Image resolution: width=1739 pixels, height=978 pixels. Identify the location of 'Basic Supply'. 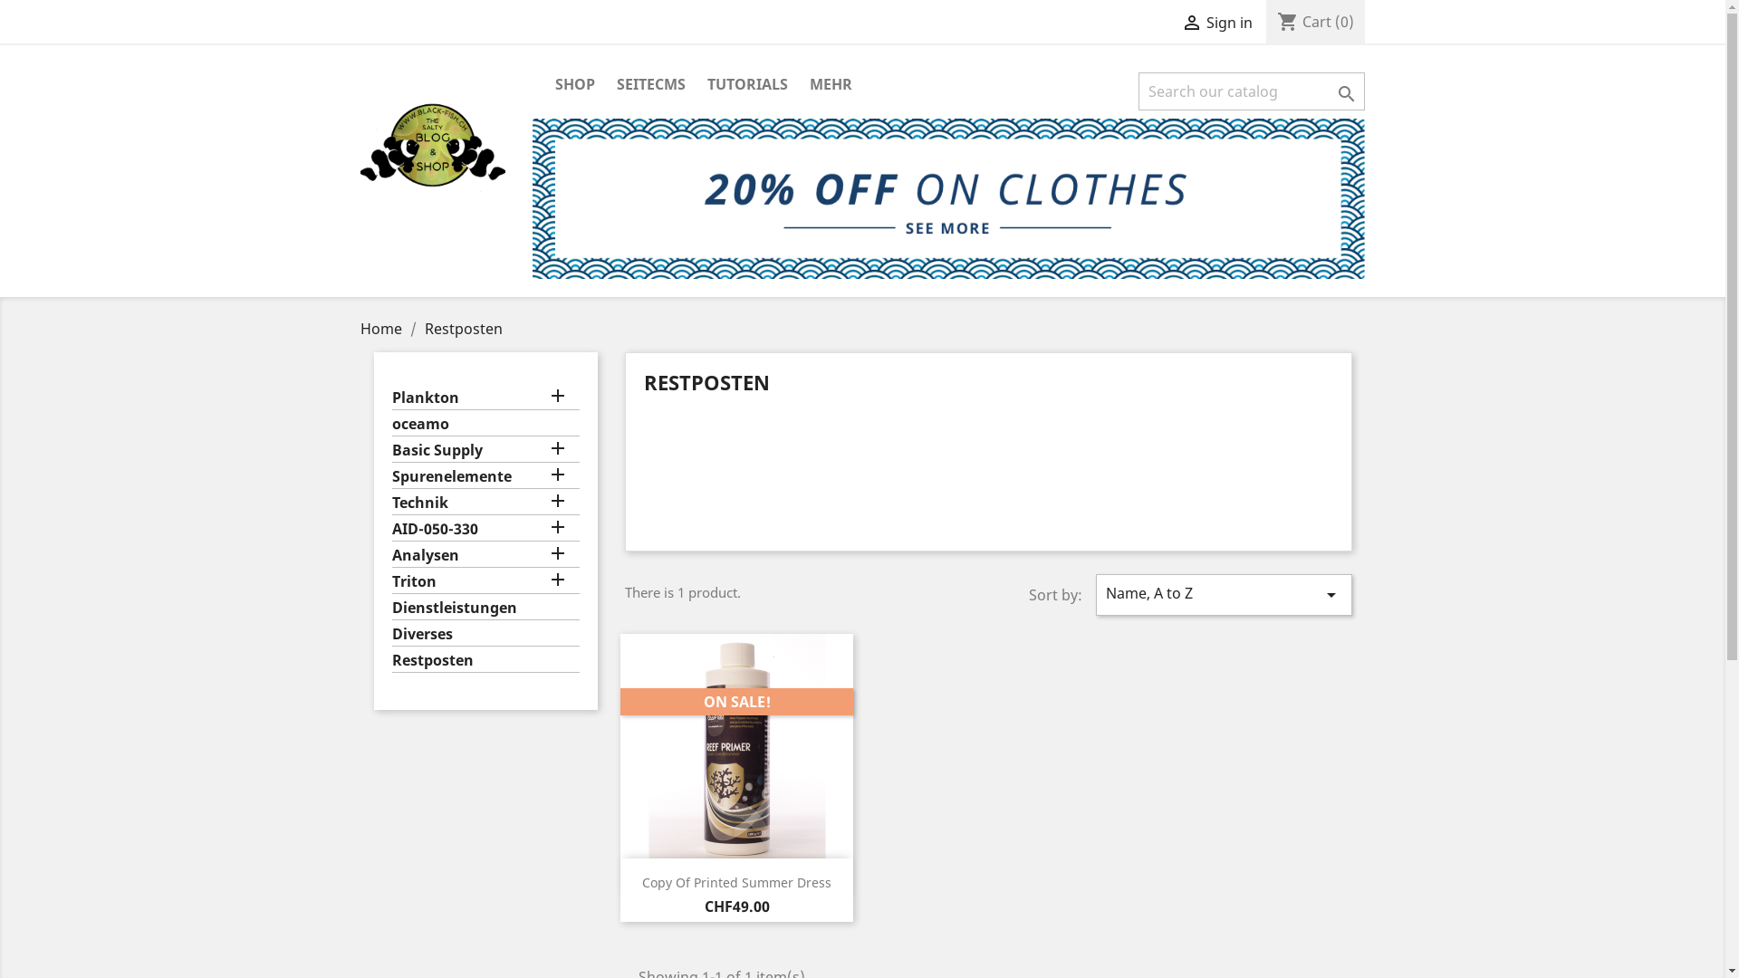
(485, 450).